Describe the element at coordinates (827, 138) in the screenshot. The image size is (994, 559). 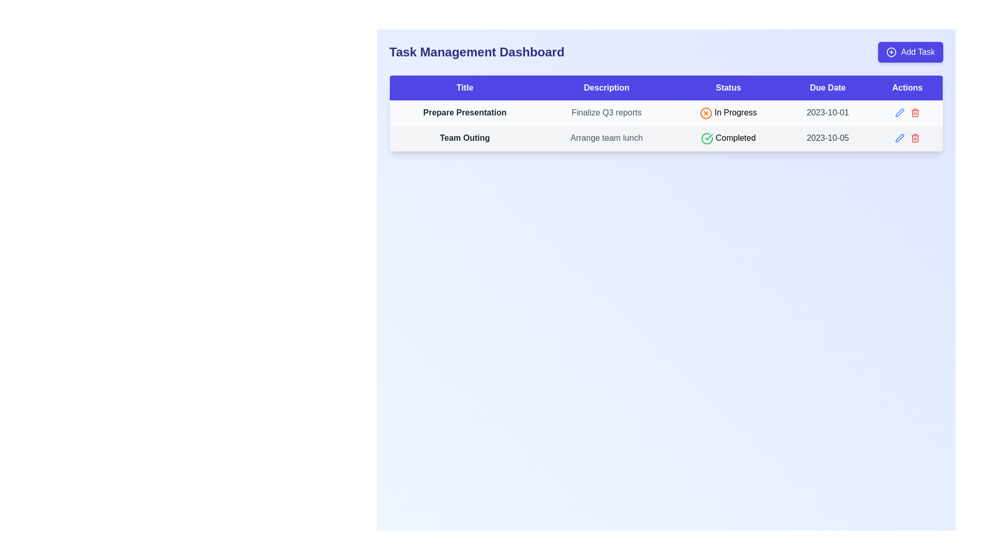
I see `the static text label displaying the date '2023-10-05', which is located in the 'Due Date' column of the table row for 'Team Outing'` at that location.